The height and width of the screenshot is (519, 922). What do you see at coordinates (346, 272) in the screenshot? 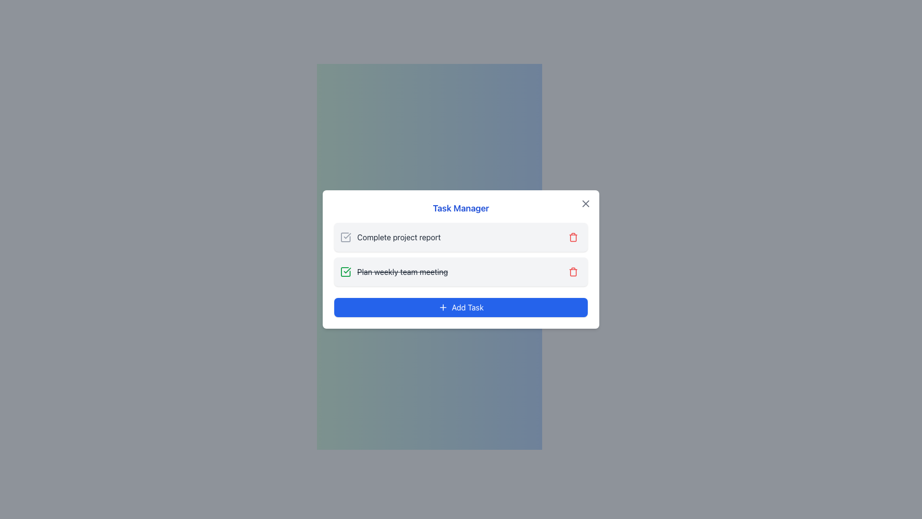
I see `the green checkmark icon styled Checkbox located to the left of the text 'Plan weekly team meeting'` at bounding box center [346, 272].